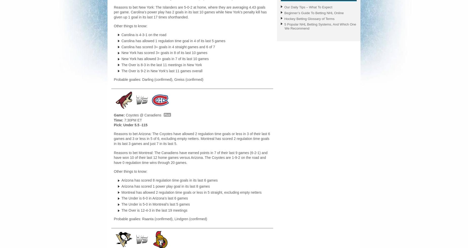 The image size is (468, 248). I want to click on 'The Over is 12-4-3 in the last 19 meetings', so click(154, 210).